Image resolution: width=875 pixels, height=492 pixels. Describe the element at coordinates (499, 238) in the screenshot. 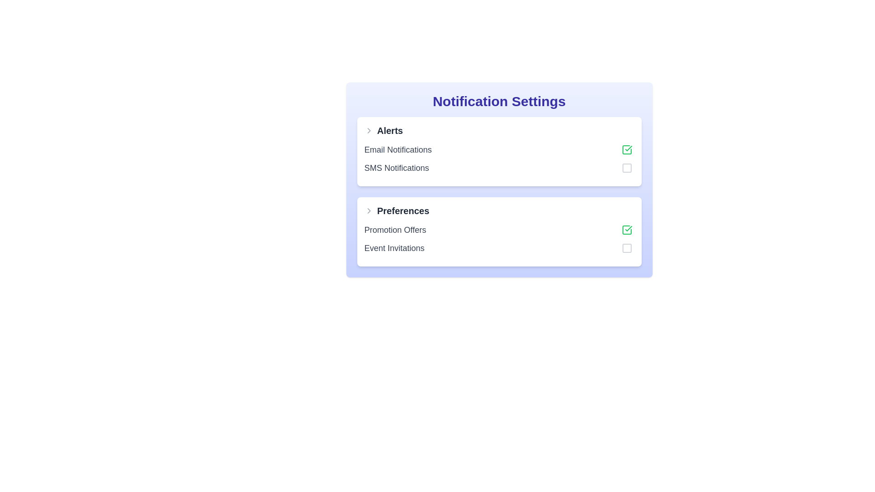

I see `the checkbox next to the 'Promotion Offers' title in the Preferences card` at that location.